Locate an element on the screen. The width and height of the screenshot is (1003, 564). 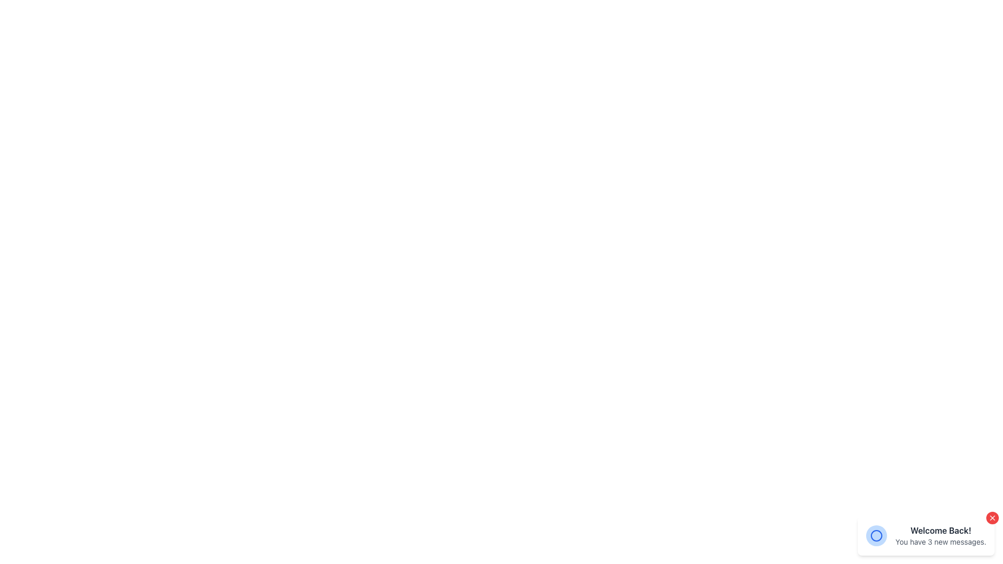
the 'X' icon button, which is a red circular button with a white 'X' icon, located in the top-right corner of the notification panel that displays 'Welcome Back! You have 3 new messages.' is located at coordinates (992, 518).